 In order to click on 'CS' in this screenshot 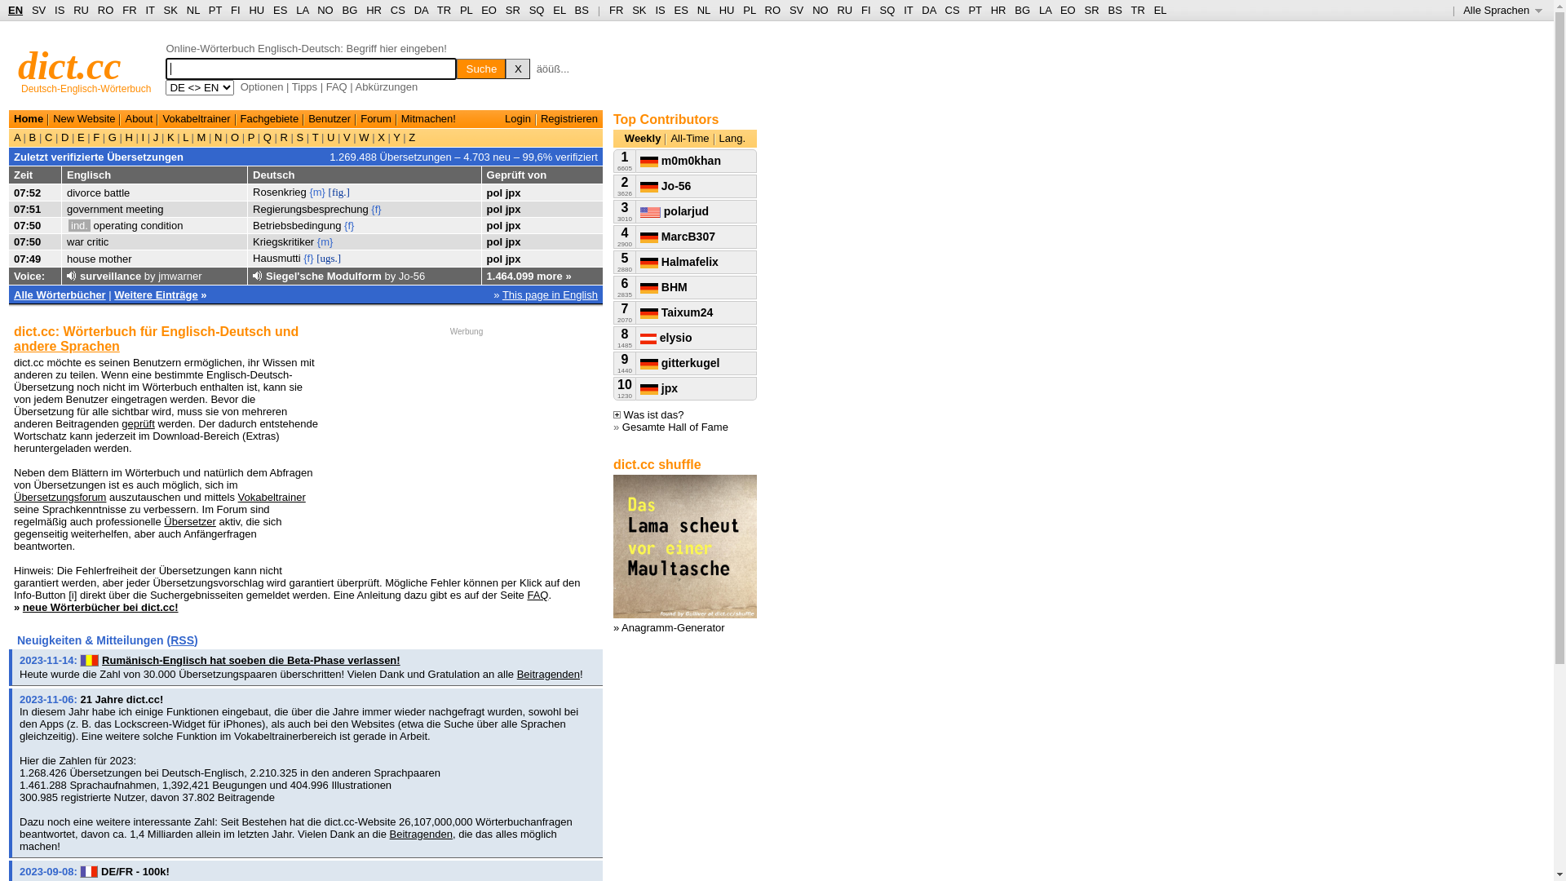, I will do `click(398, 10)`.